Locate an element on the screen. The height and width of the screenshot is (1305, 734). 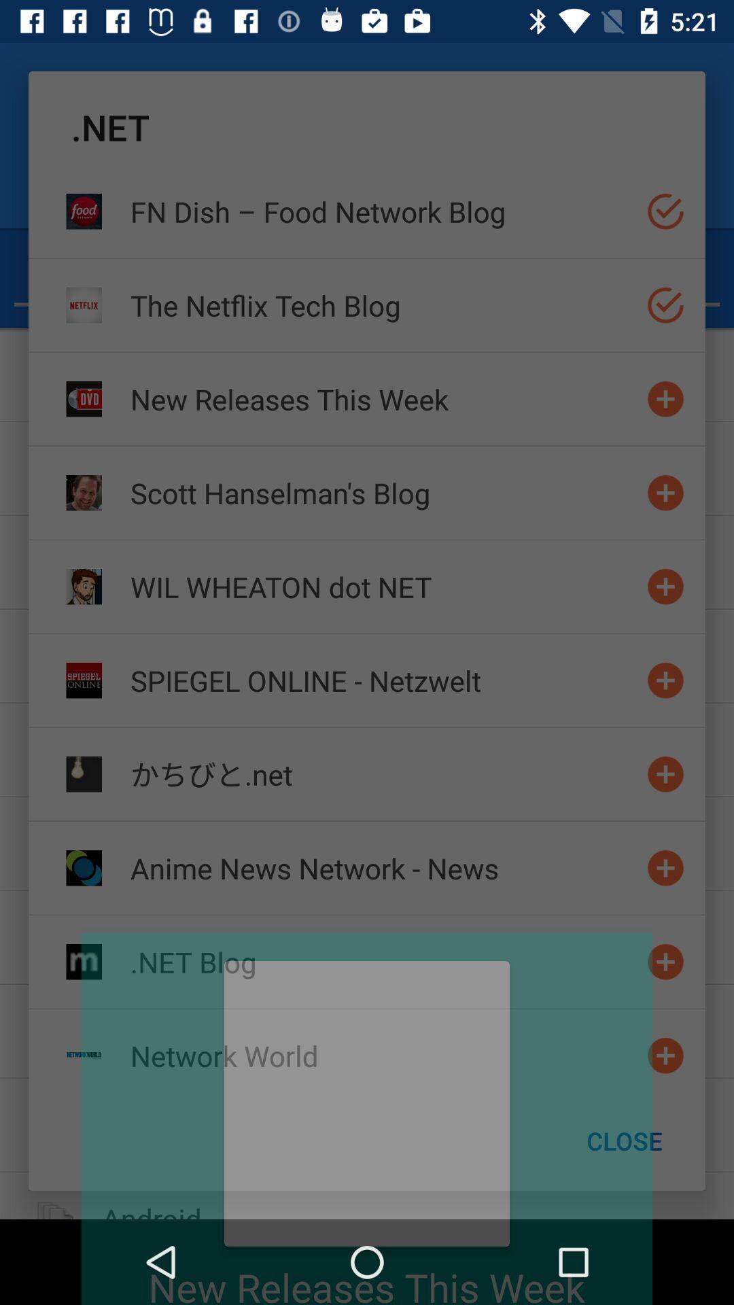
the spiegel online - netzwelt icon is located at coordinates (383, 680).